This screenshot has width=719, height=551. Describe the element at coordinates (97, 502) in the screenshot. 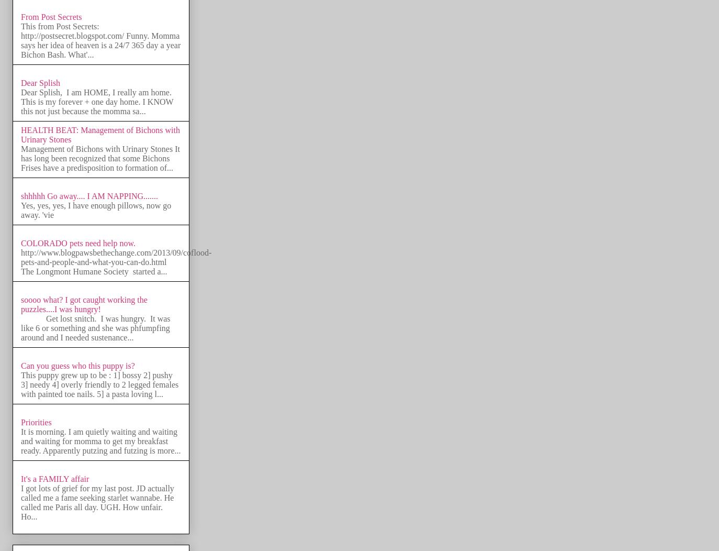

I see `'I got lots of grief for my last post. JD actually called me a fame seeking starlet wannabe. He called me Paris all day. UGH. How unfair. Ho...'` at that location.